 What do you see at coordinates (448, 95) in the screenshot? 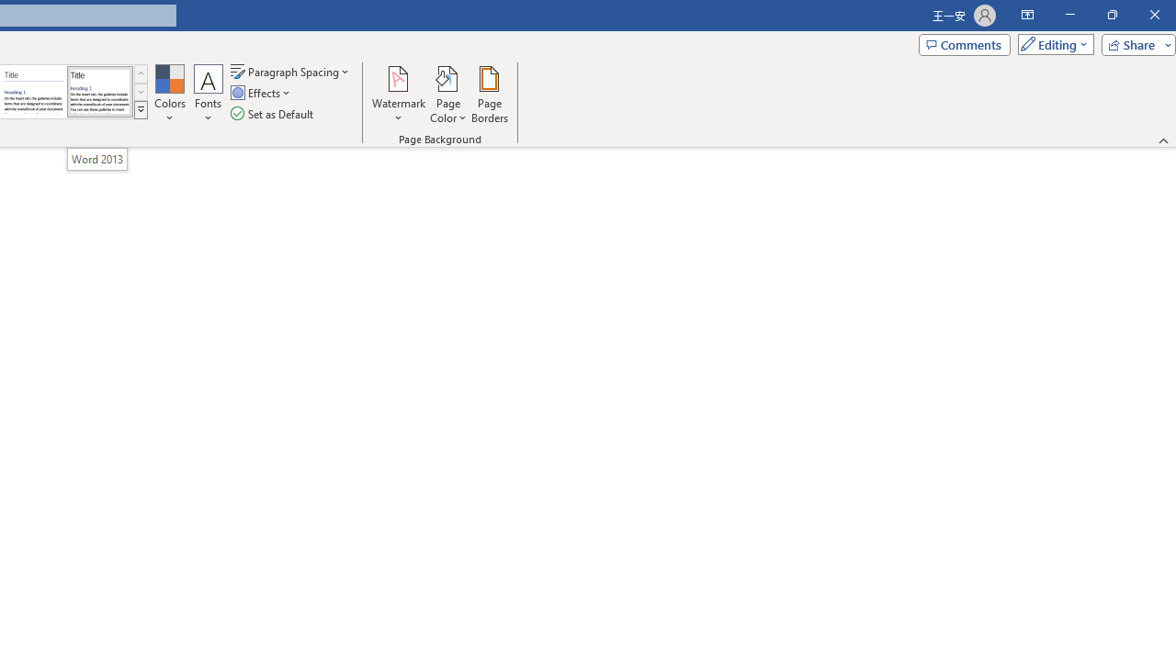
I see `'Page Color'` at bounding box center [448, 95].